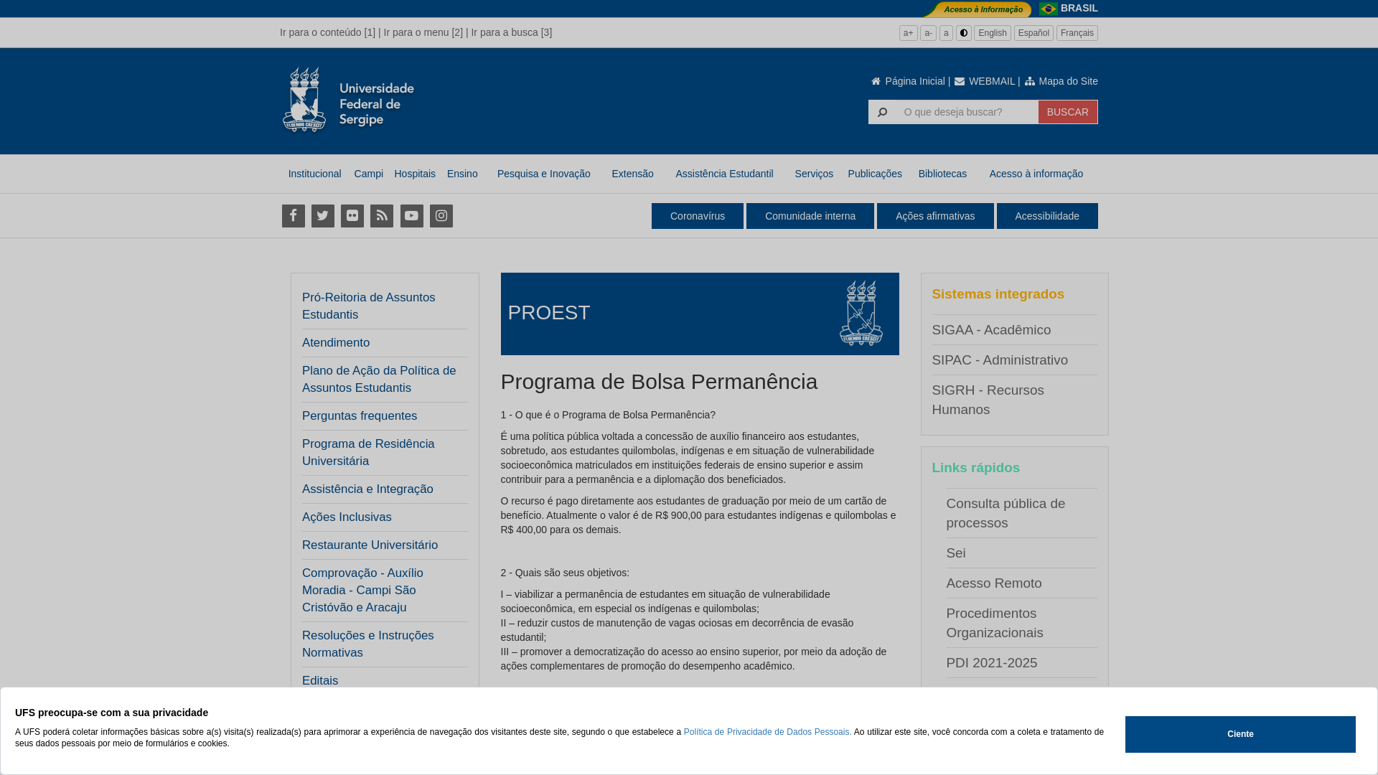 The height and width of the screenshot is (775, 1378). Describe the element at coordinates (953, 80) in the screenshot. I see `'WEBMAIL'` at that location.